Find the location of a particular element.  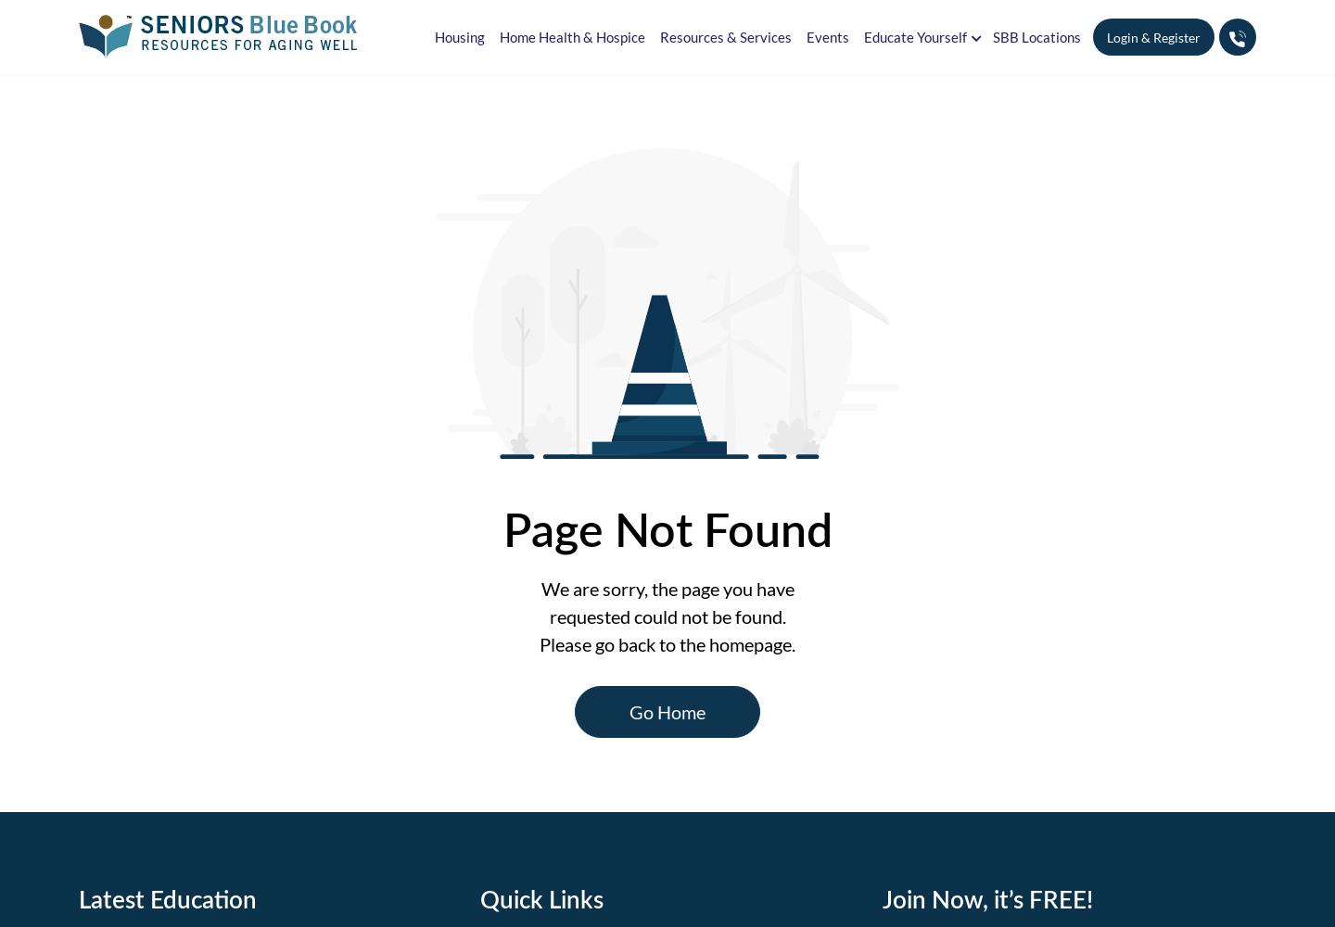

'Join Now, it’s FREE!' is located at coordinates (881, 896).